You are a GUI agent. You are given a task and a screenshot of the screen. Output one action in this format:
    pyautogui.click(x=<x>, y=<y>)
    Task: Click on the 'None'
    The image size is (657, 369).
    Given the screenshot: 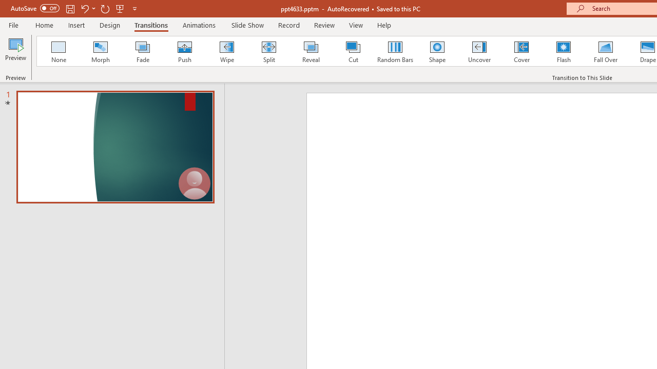 What is the action you would take?
    pyautogui.click(x=57, y=51)
    